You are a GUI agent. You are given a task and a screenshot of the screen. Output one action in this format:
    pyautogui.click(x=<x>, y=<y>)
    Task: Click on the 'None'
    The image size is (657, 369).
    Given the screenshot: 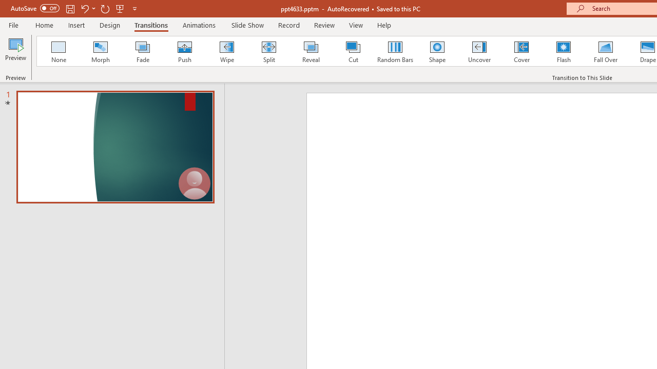 What is the action you would take?
    pyautogui.click(x=57, y=51)
    